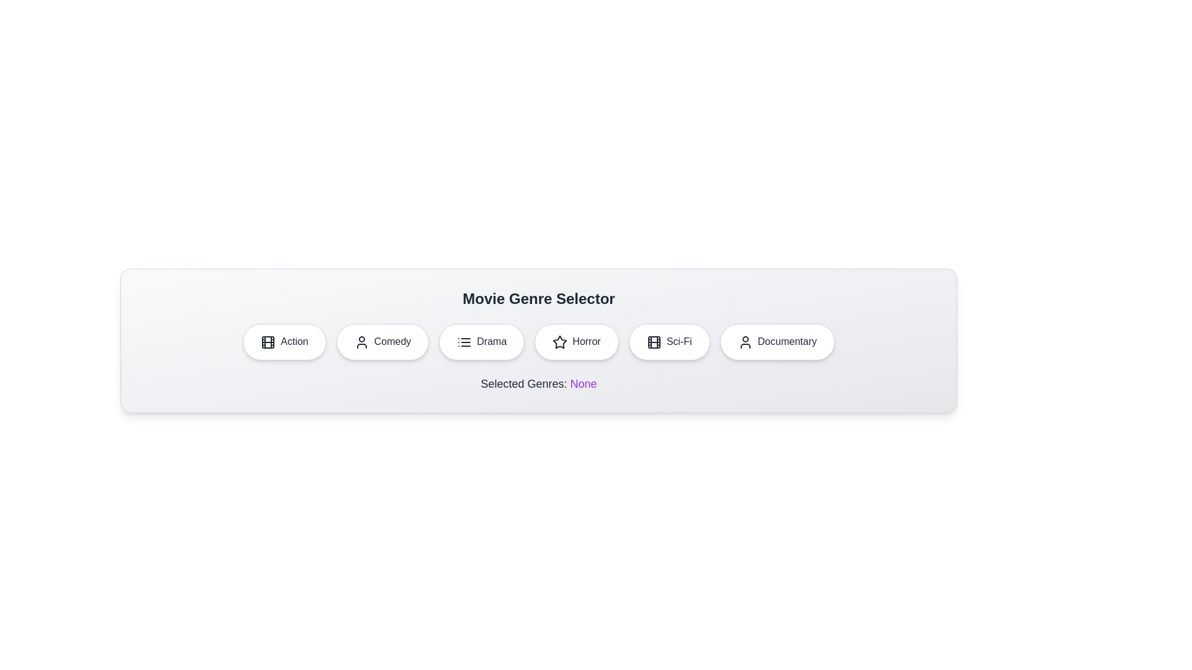 The width and height of the screenshot is (1192, 670). Describe the element at coordinates (268, 342) in the screenshot. I see `the 'Action' genre button represented by a film reel icon, which is the leftmost button in the horizontal genre options bar` at that location.